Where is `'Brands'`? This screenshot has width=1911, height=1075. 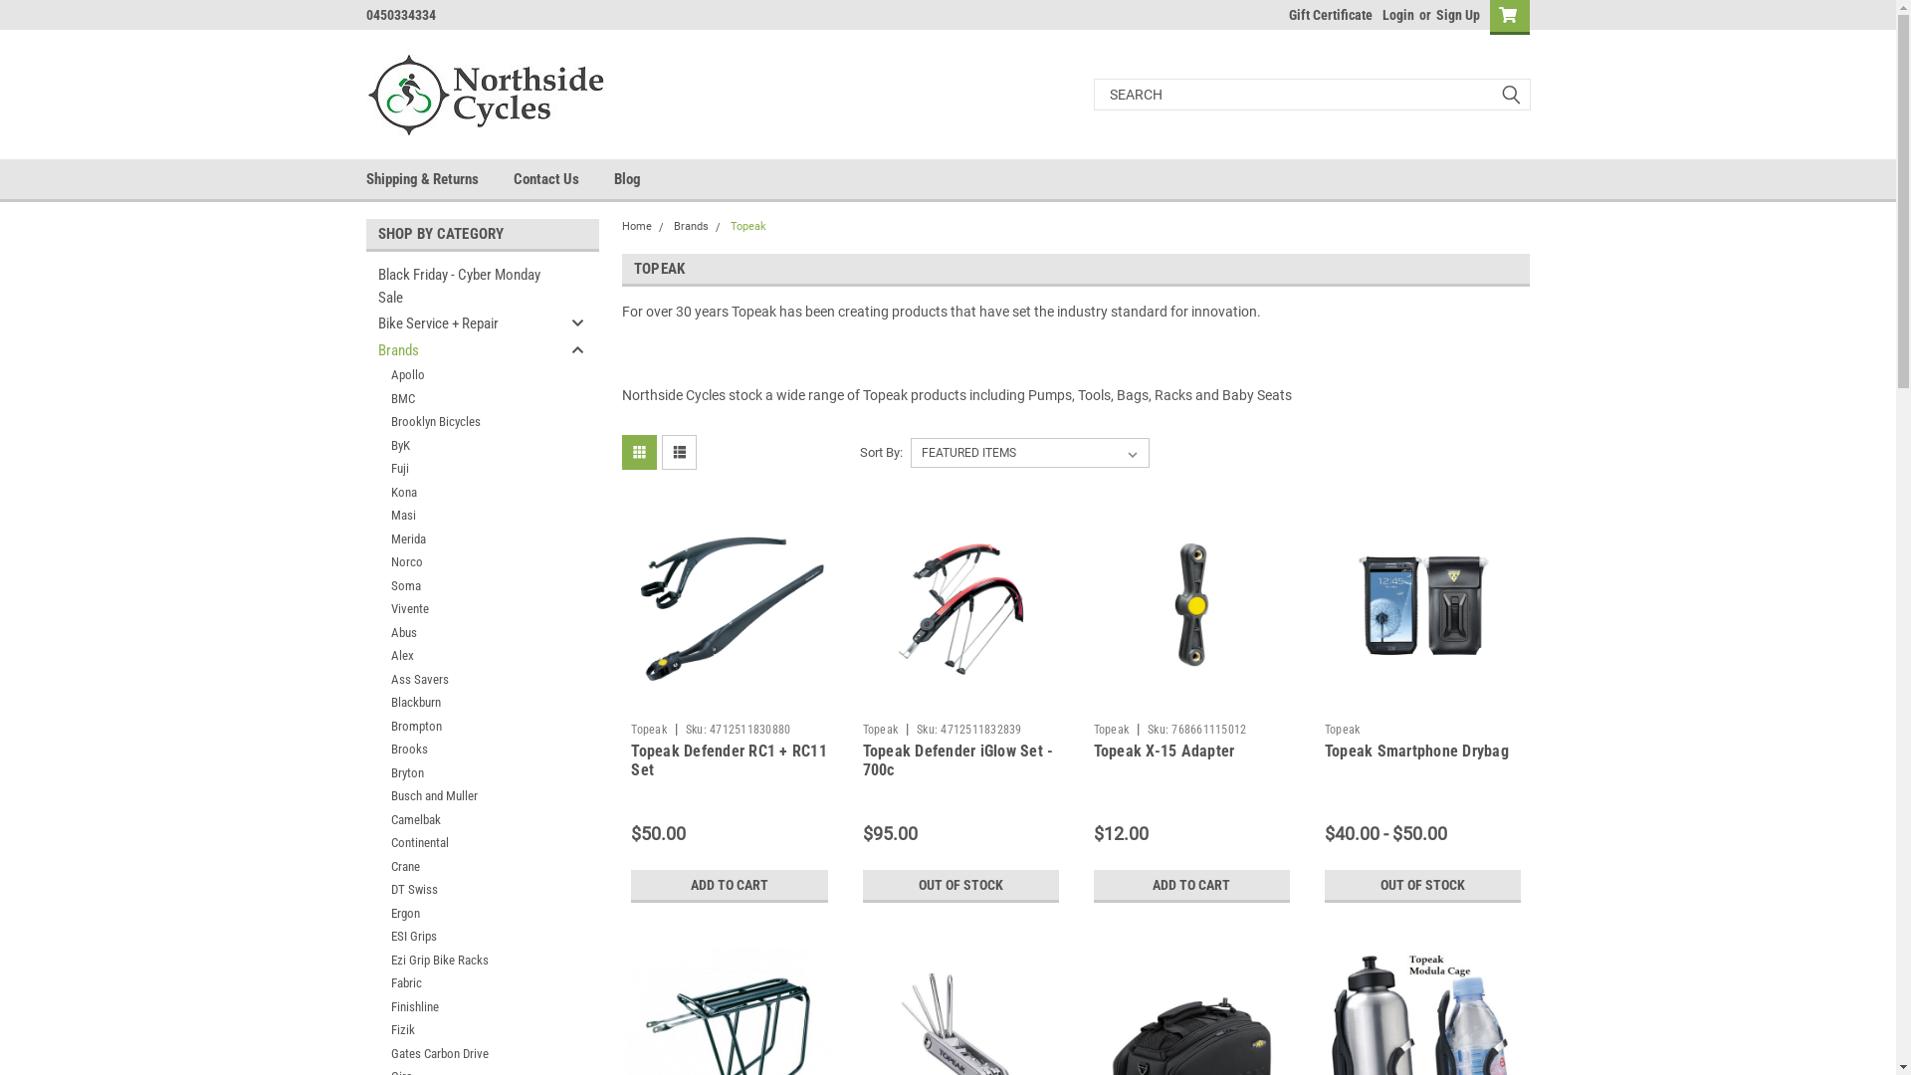 'Brands' is located at coordinates (691, 225).